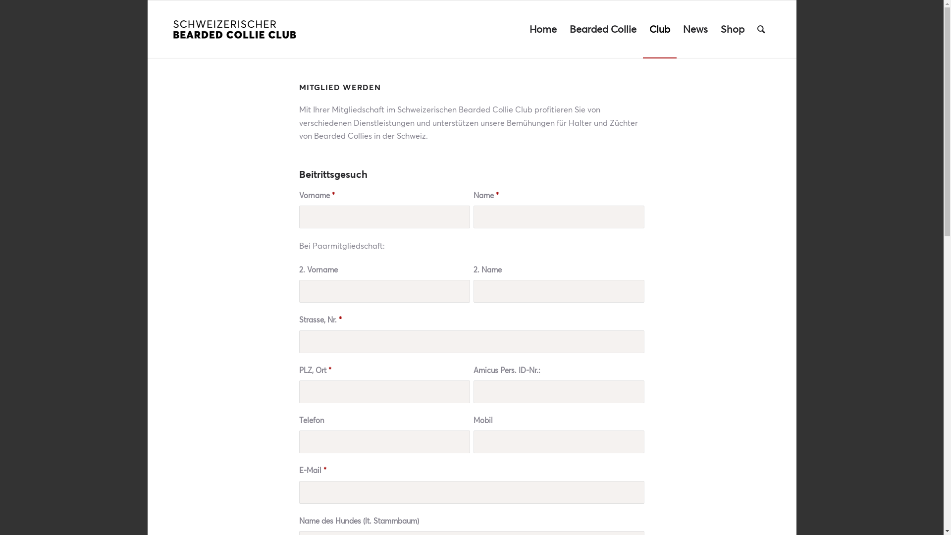  I want to click on 'News', so click(676, 28).